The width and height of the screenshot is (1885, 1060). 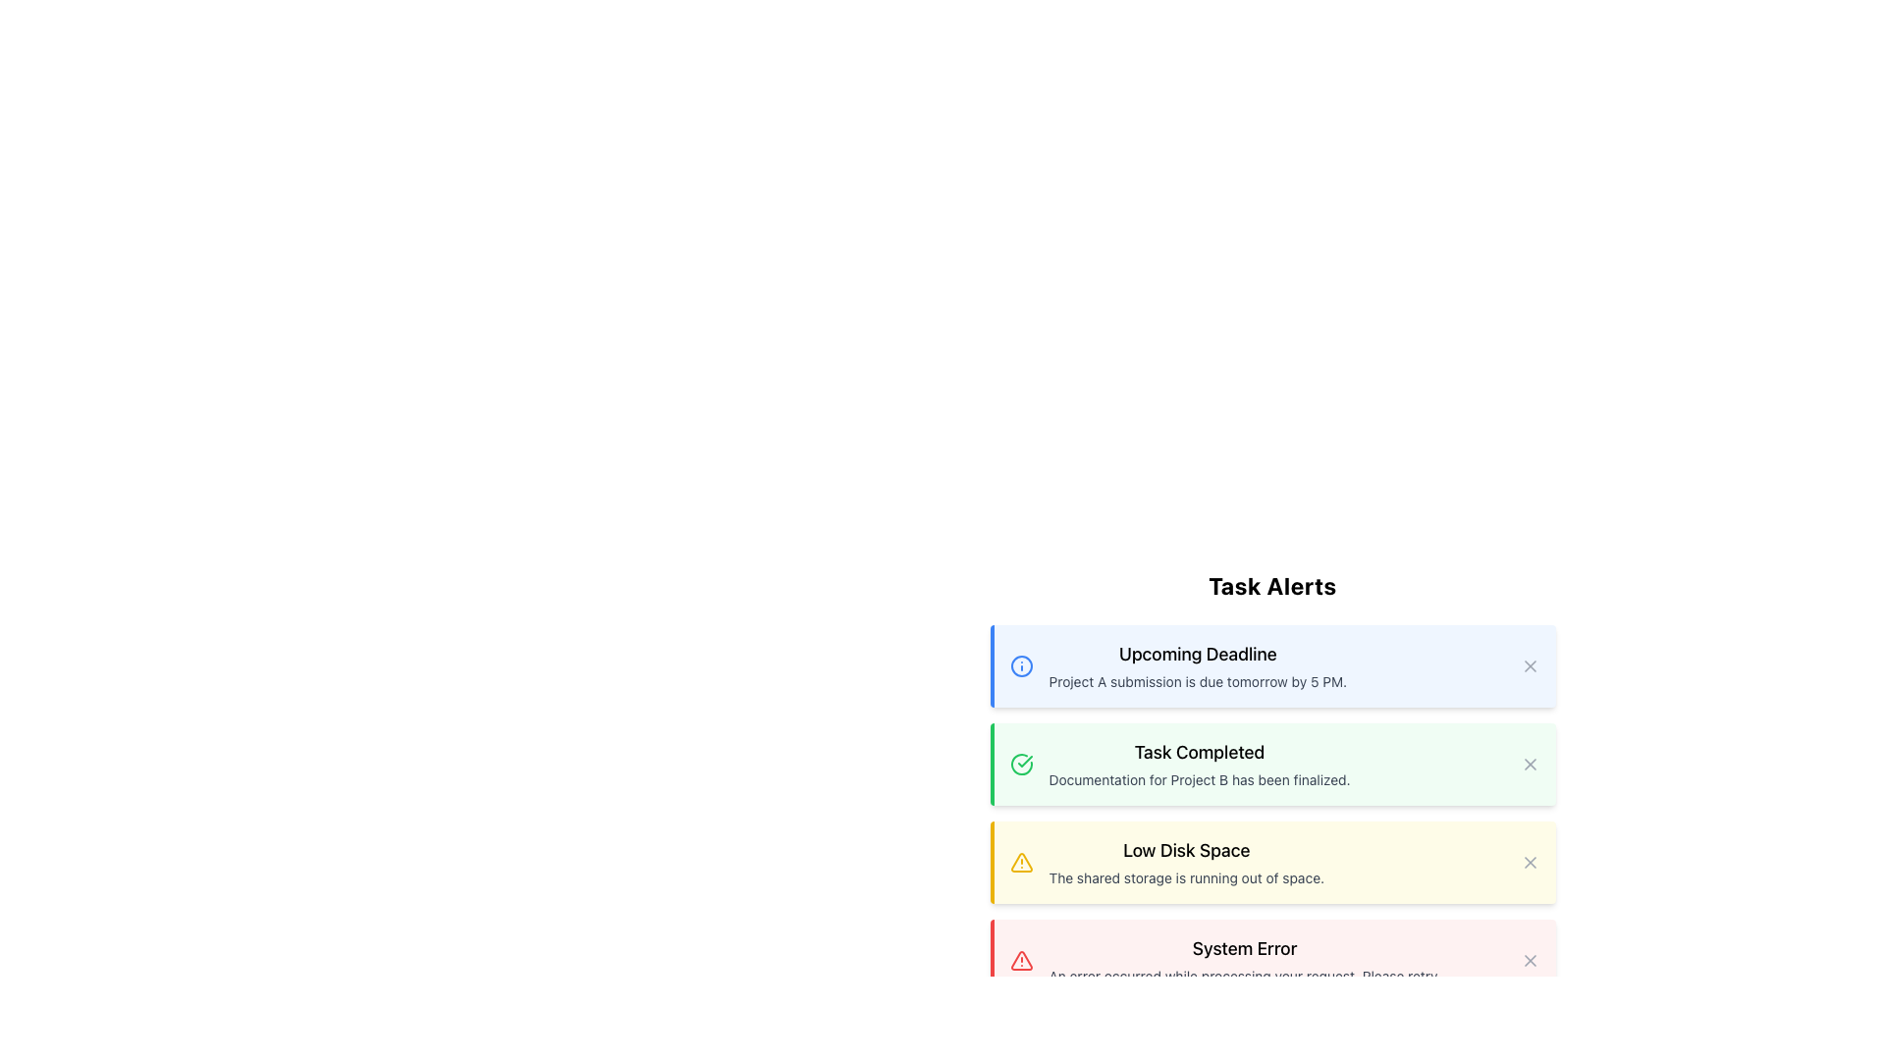 I want to click on the 'X' icon button located to the far right of the 'Task Completed' item in the list of task alerts, so click(x=1529, y=764).